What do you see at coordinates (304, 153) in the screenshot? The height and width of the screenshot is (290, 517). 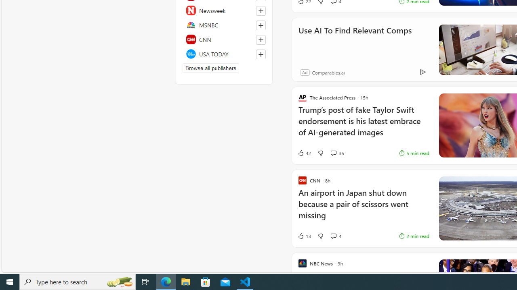 I see `'42 Like'` at bounding box center [304, 153].